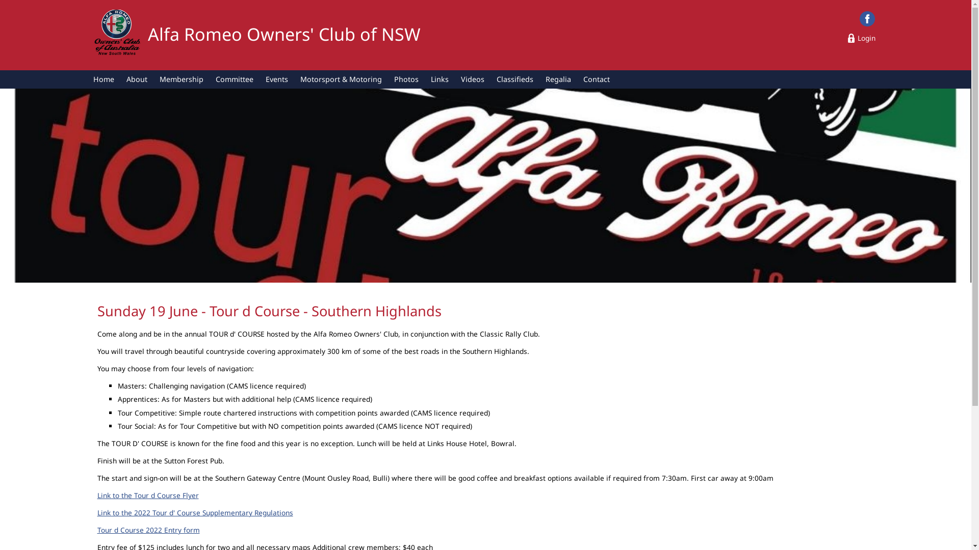  Describe the element at coordinates (454, 78) in the screenshot. I see `'Videos'` at that location.